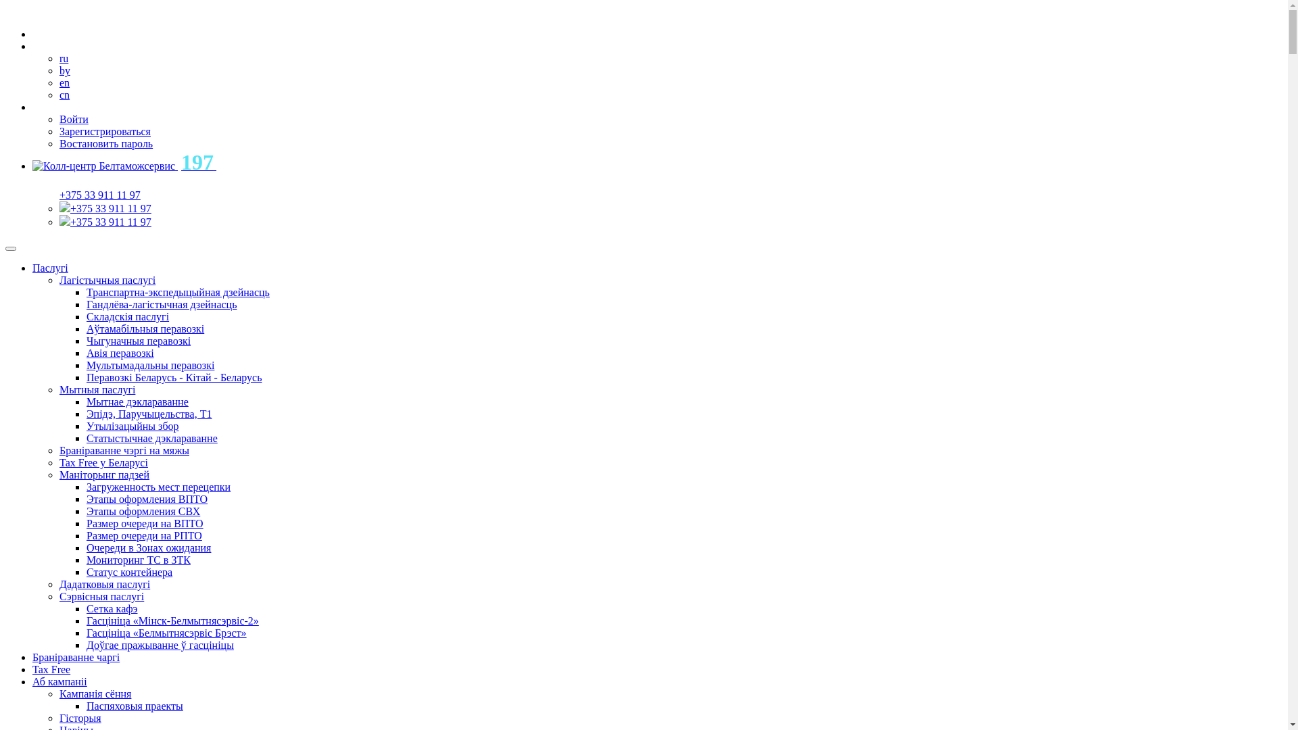  Describe the element at coordinates (58, 70) in the screenshot. I see `'by'` at that location.